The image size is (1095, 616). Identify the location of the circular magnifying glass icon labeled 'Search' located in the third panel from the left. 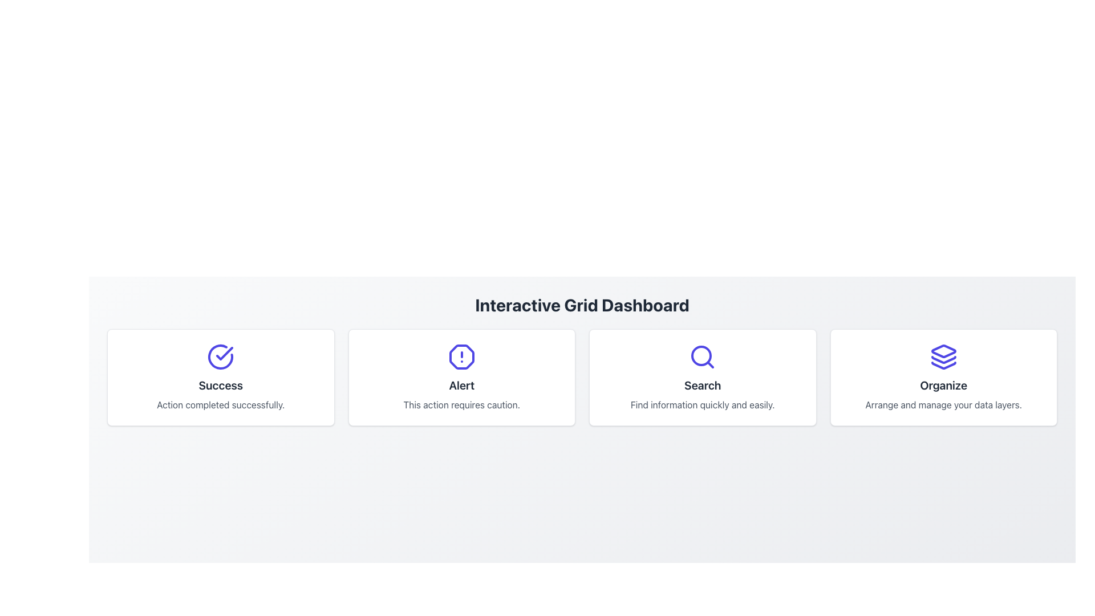
(701, 355).